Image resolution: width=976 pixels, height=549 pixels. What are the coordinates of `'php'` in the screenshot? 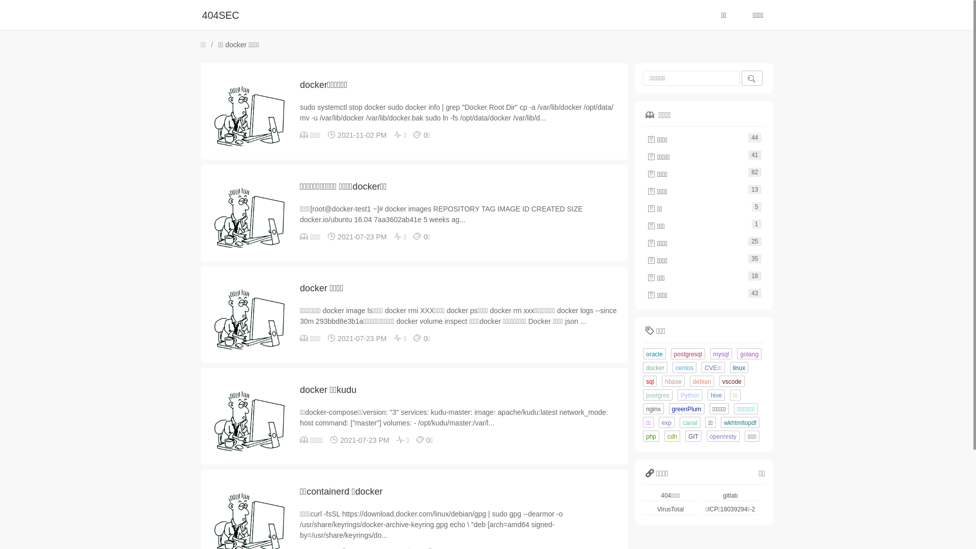 It's located at (651, 435).